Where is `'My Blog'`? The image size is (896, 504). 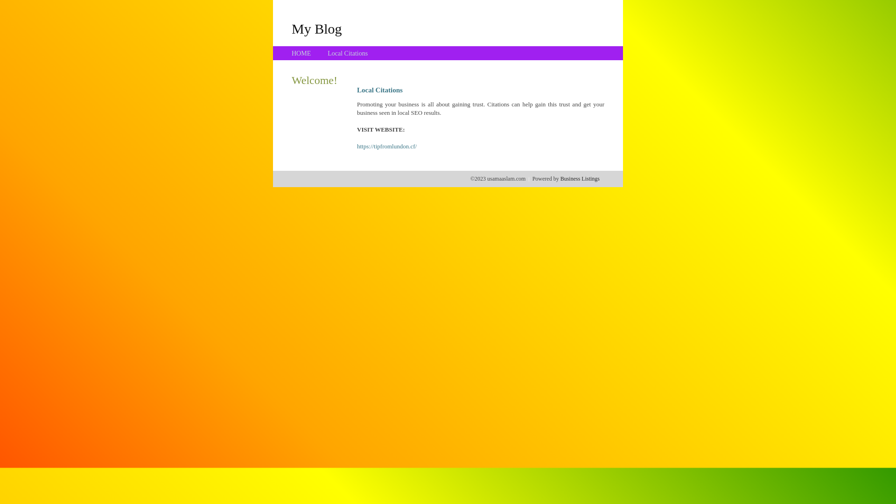 'My Blog' is located at coordinates (316, 28).